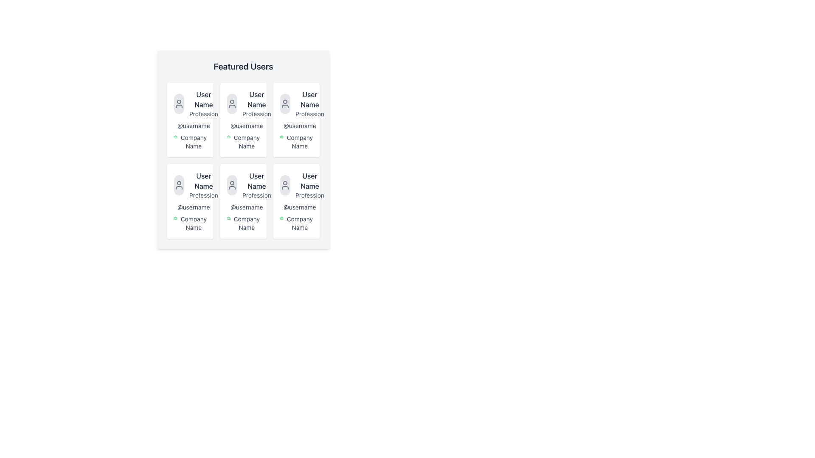  I want to click on the company name text label located in the bottom section of the user profile card, positioned below the '@username' text and next to the green briefcase icon, so click(296, 142).